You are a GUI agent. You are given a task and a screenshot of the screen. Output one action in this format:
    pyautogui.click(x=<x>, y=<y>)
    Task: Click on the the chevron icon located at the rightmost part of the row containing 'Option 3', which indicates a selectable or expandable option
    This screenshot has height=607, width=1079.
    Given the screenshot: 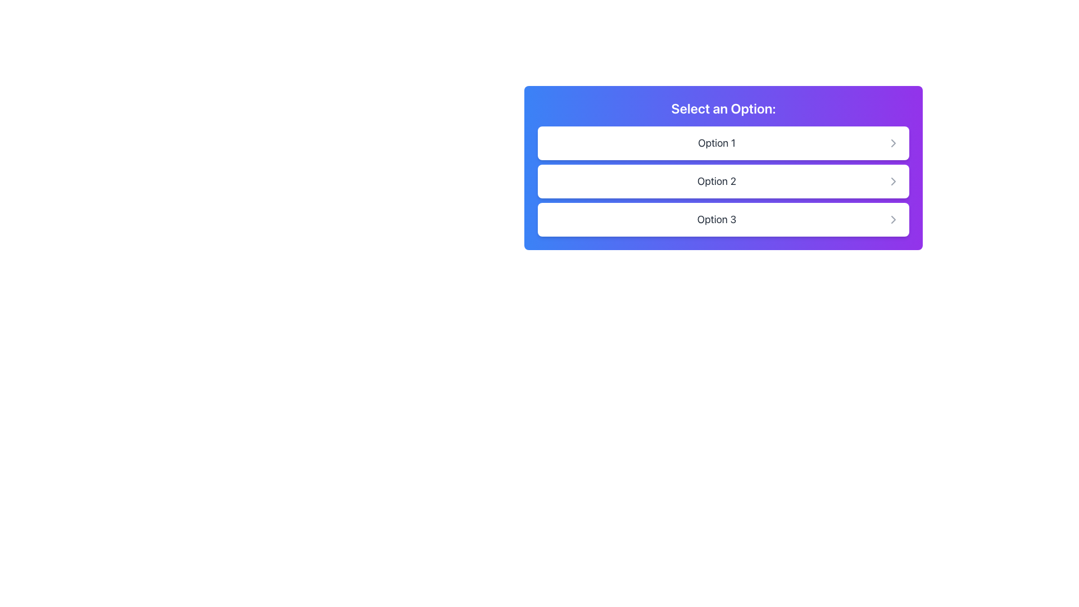 What is the action you would take?
    pyautogui.click(x=892, y=219)
    